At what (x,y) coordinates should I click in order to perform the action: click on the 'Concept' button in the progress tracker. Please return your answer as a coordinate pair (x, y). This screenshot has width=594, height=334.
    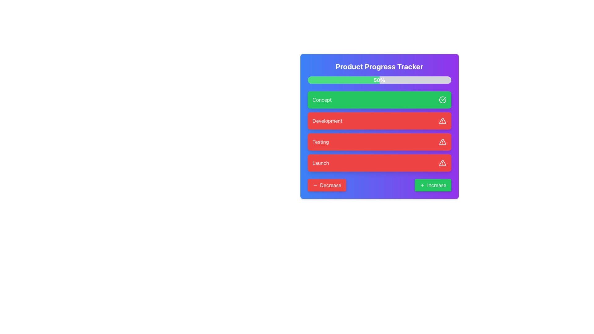
    Looking at the image, I should click on (379, 100).